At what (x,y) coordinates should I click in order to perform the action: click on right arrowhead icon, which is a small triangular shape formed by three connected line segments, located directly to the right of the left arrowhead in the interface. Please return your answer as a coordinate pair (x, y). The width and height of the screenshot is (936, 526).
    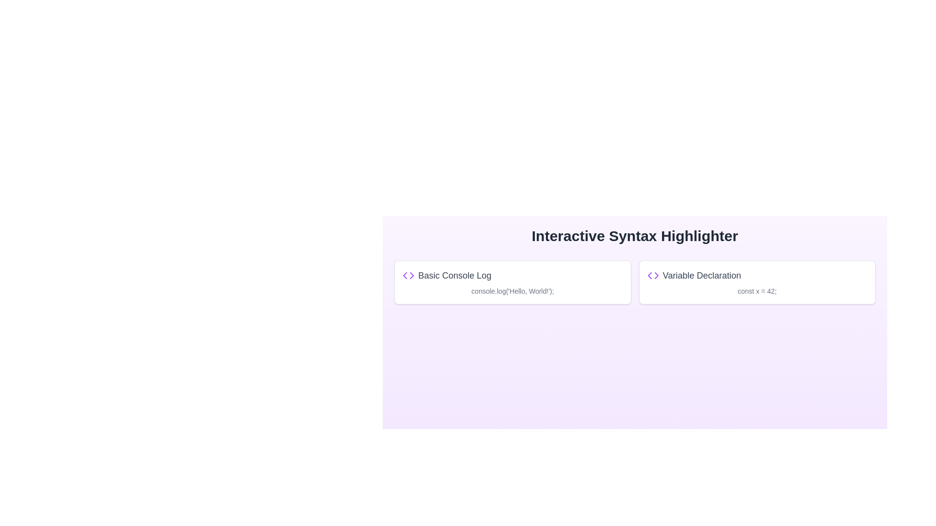
    Looking at the image, I should click on (656, 276).